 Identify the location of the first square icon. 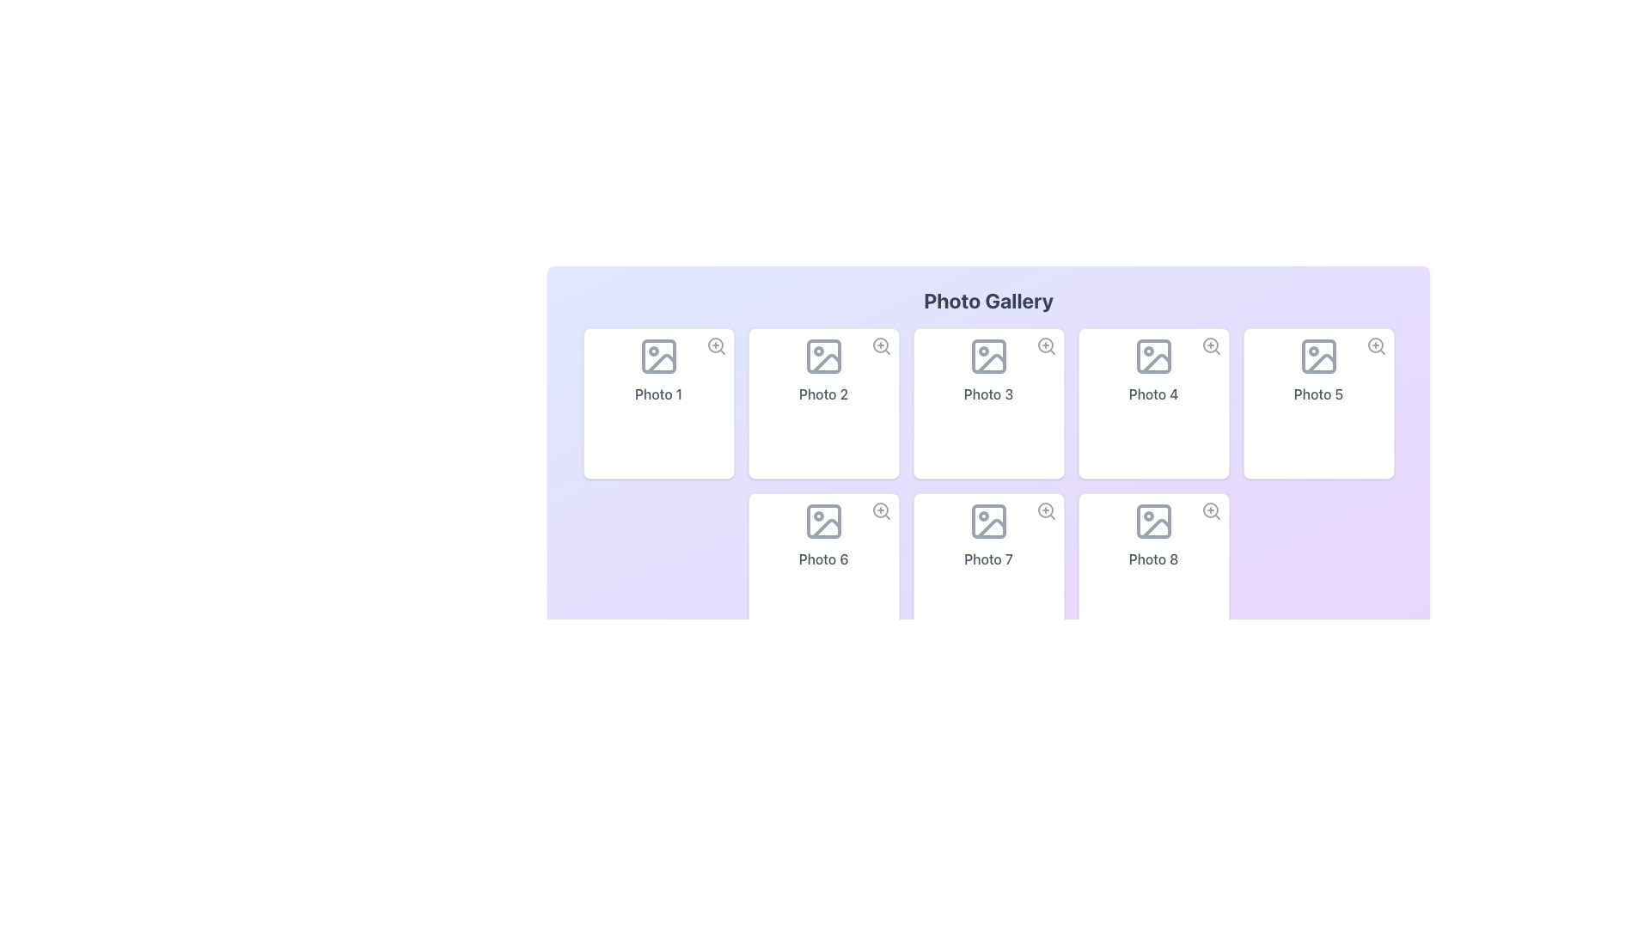
(657, 356).